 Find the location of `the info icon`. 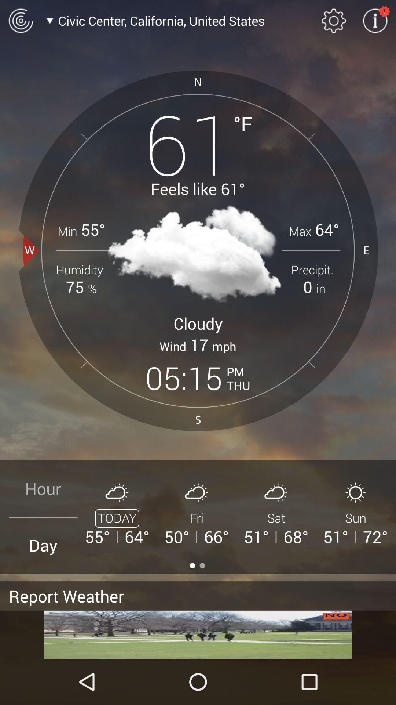

the info icon is located at coordinates (375, 21).